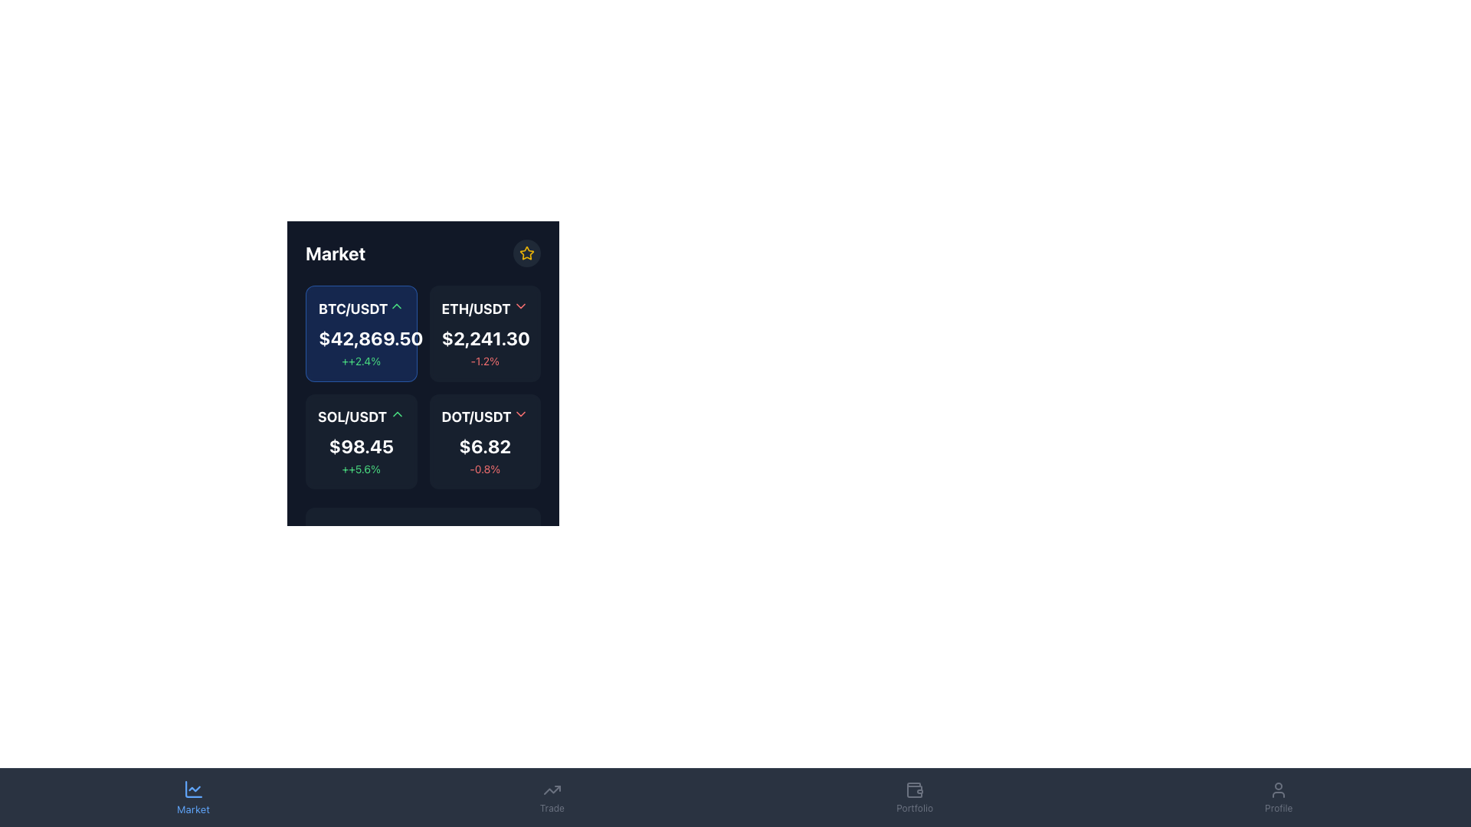 Image resolution: width=1471 pixels, height=827 pixels. What do you see at coordinates (484, 446) in the screenshot?
I see `text content of the price label for the 'DOT/USDT' pair, located beneath the pair label text and above the percentage change text` at bounding box center [484, 446].